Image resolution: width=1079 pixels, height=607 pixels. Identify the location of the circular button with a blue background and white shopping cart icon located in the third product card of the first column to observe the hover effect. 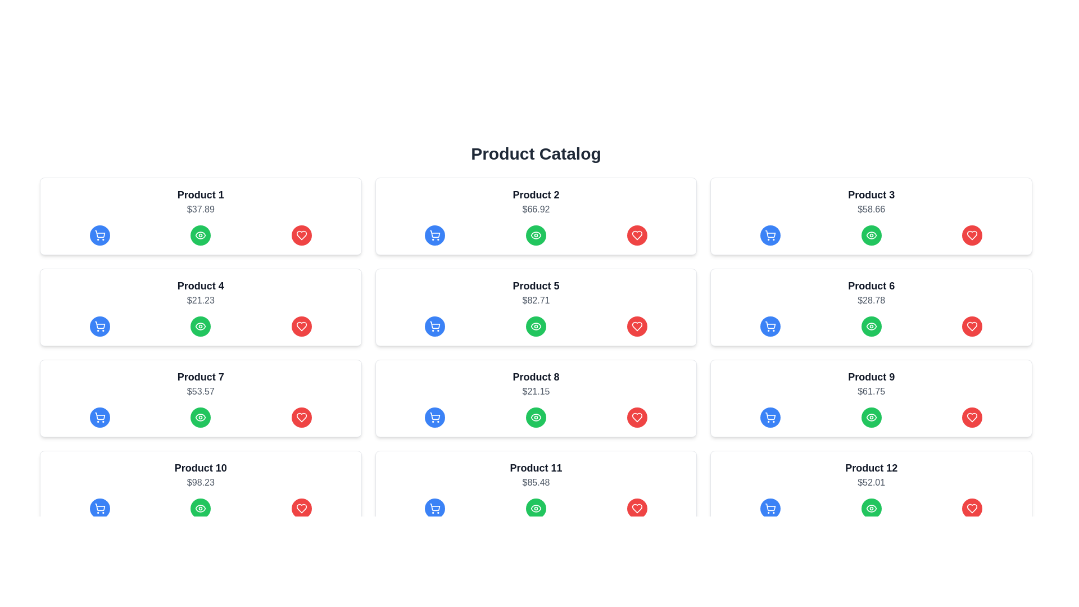
(99, 418).